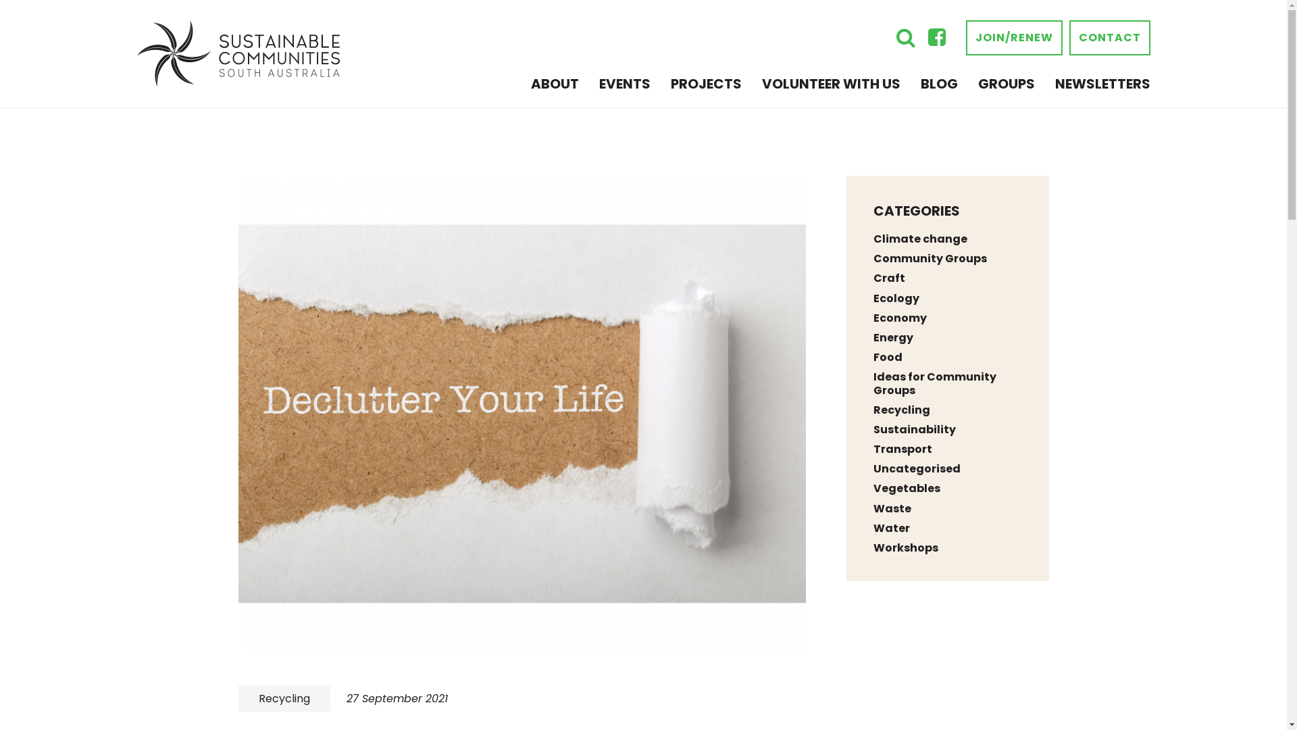 Image resolution: width=1297 pixels, height=730 pixels. What do you see at coordinates (1109, 37) in the screenshot?
I see `'CONTACT'` at bounding box center [1109, 37].